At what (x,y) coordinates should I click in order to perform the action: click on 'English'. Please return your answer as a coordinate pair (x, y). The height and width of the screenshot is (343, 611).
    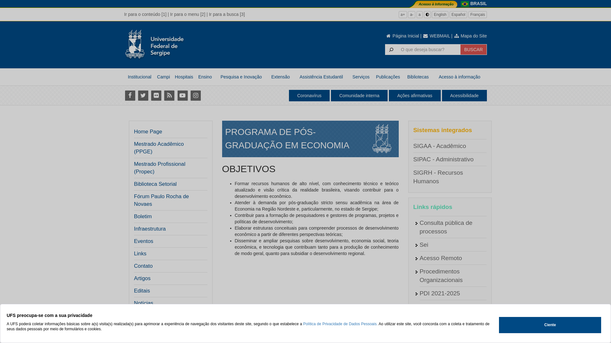
    Looking at the image, I should click on (439, 14).